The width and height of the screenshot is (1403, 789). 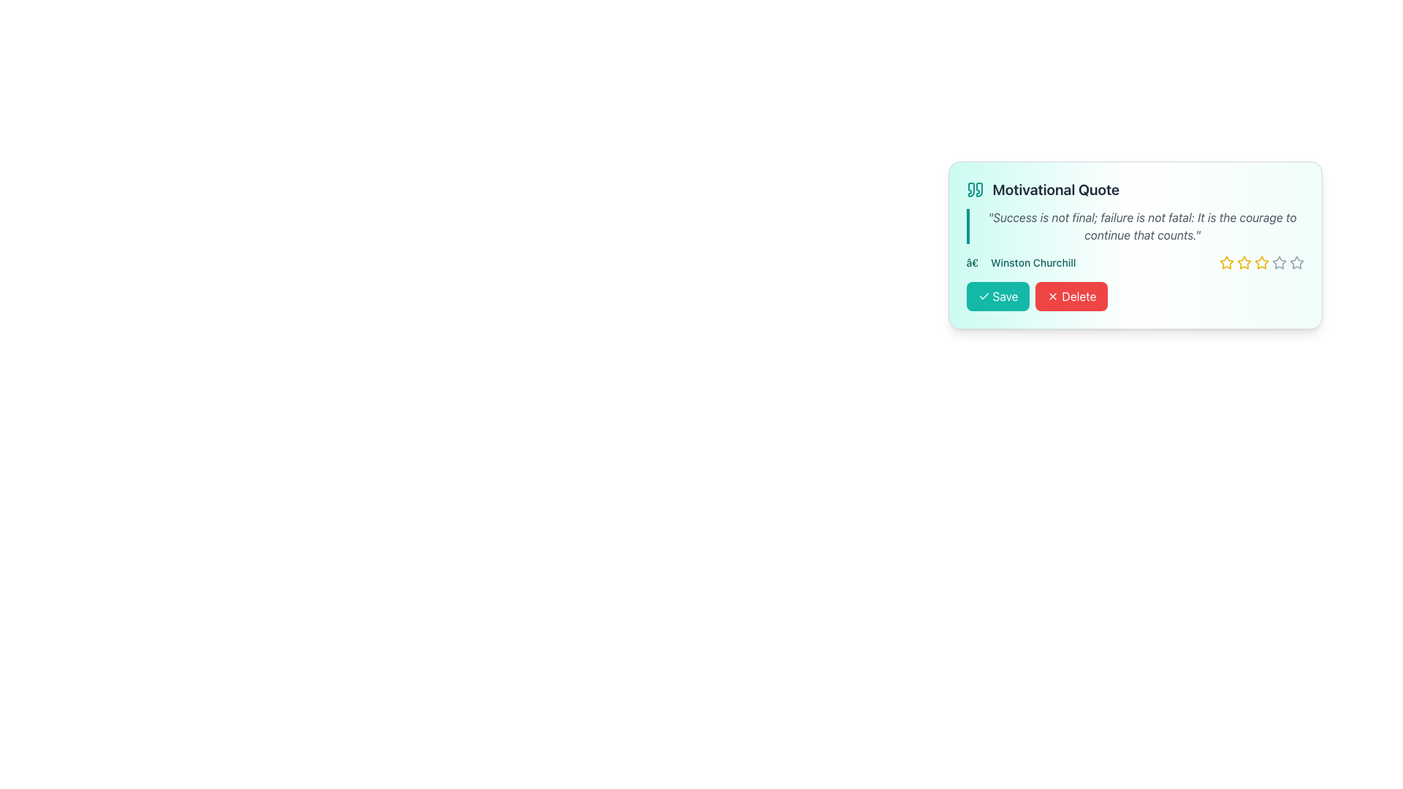 I want to click on the fifth star icon in the rating system located in the bottom-right corner of the card layout to assign a rating, so click(x=1296, y=262).